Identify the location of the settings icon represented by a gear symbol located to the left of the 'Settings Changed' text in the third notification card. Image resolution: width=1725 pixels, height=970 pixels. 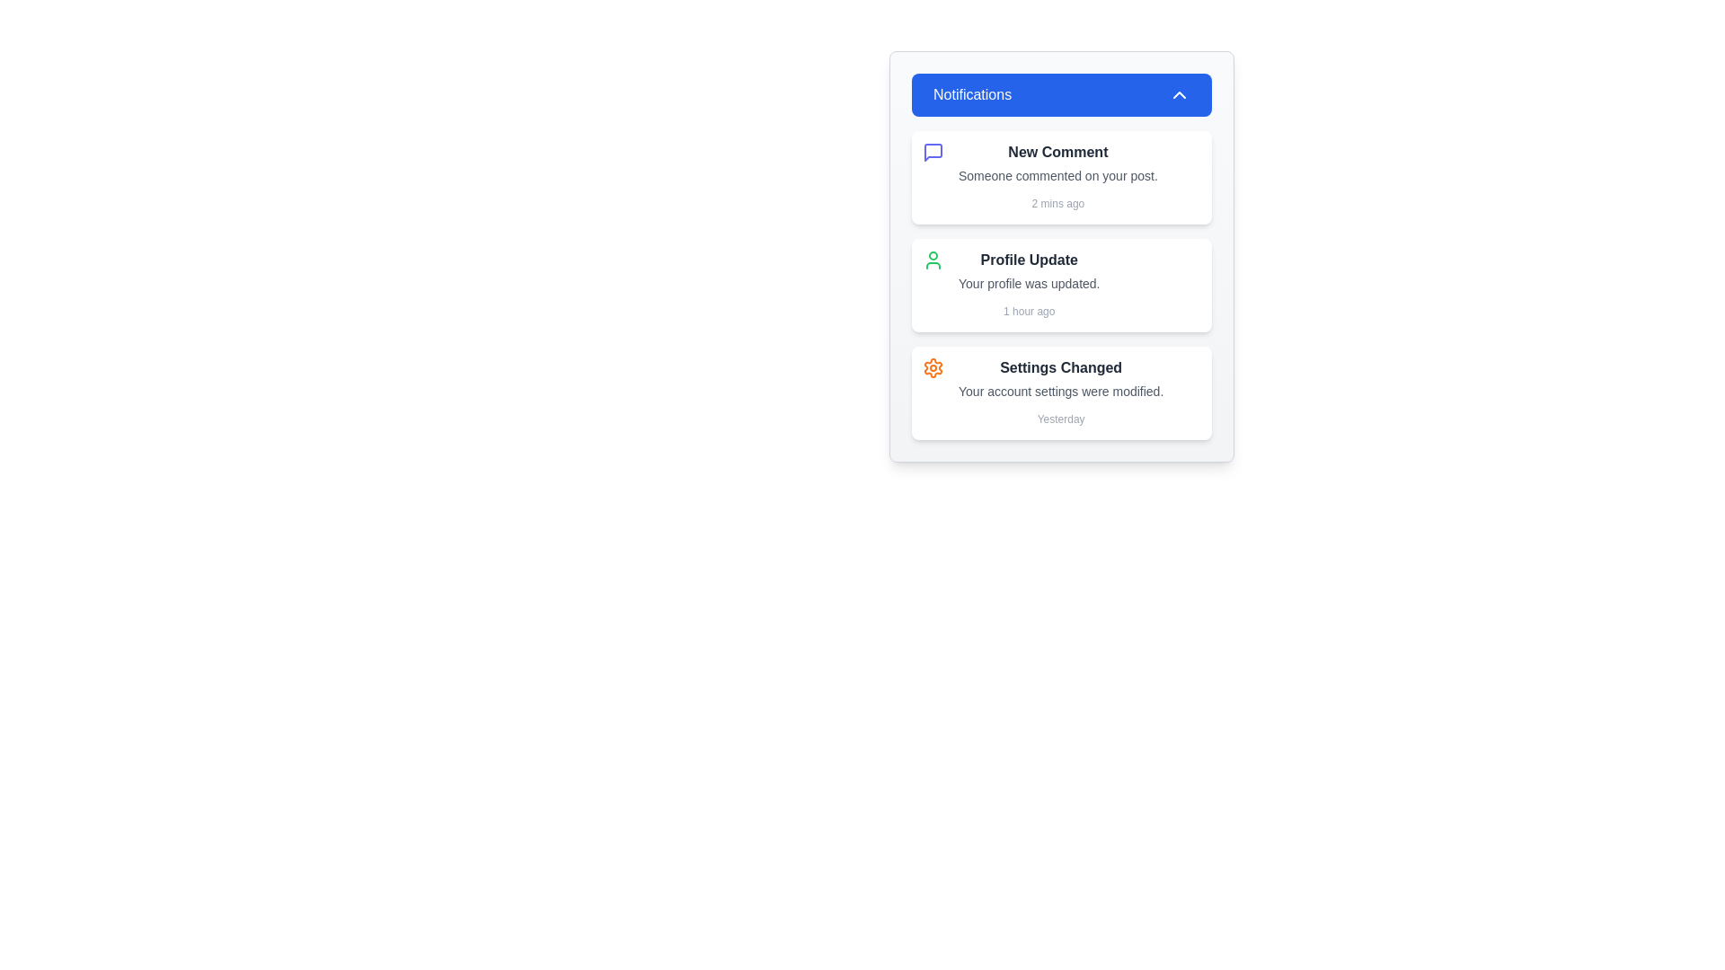
(933, 366).